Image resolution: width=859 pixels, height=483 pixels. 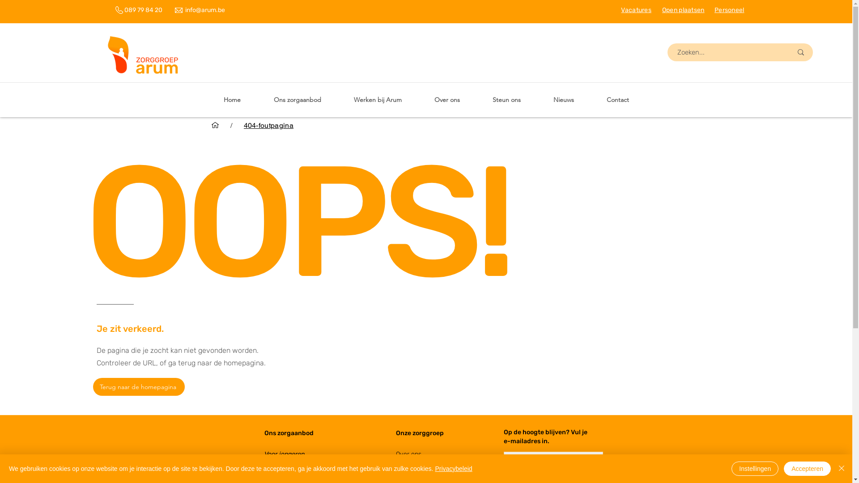 I want to click on 'Personeel', so click(x=714, y=10).